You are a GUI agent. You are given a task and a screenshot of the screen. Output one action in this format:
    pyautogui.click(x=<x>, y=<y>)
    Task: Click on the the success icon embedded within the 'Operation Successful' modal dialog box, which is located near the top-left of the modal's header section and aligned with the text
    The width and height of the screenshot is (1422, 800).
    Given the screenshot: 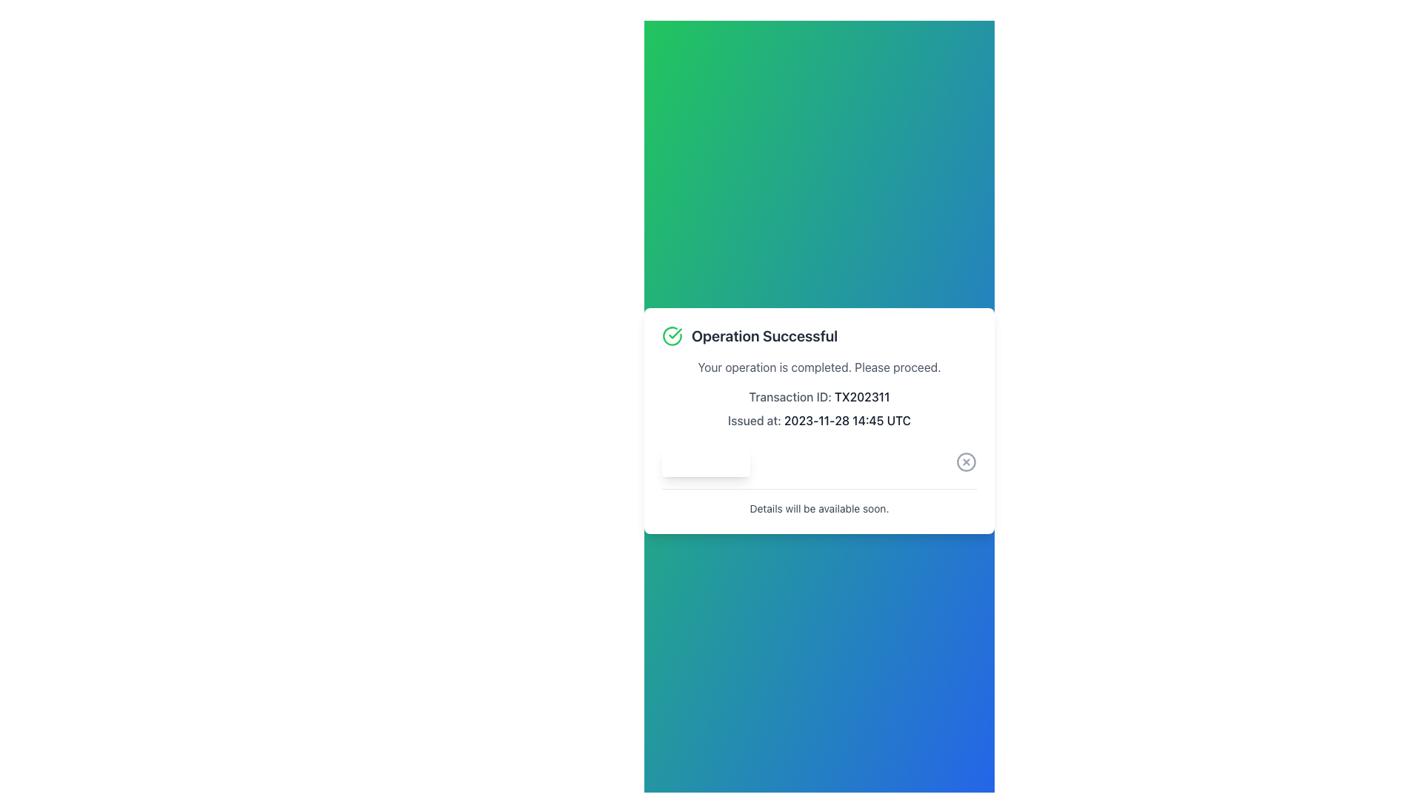 What is the action you would take?
    pyautogui.click(x=675, y=333)
    